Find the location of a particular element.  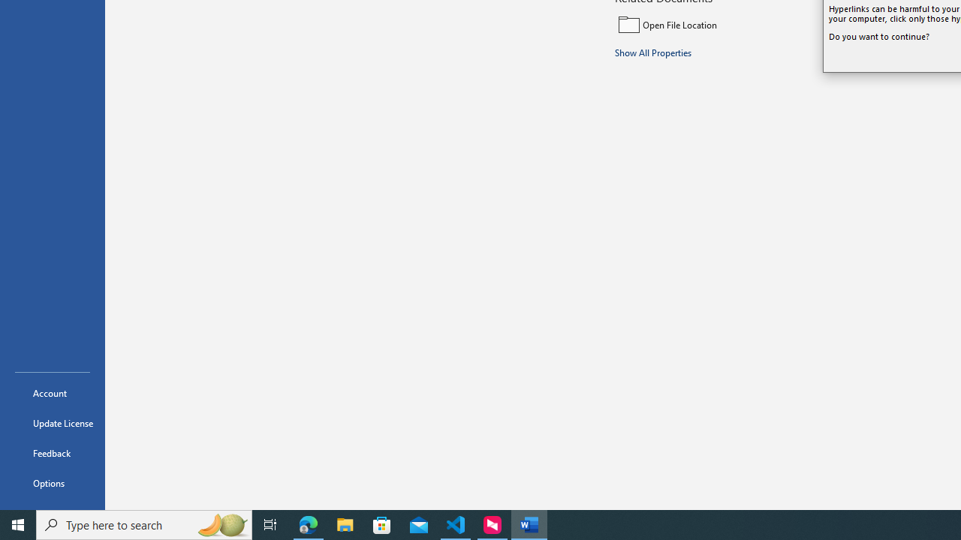

'Word - 1 running window' is located at coordinates (529, 523).